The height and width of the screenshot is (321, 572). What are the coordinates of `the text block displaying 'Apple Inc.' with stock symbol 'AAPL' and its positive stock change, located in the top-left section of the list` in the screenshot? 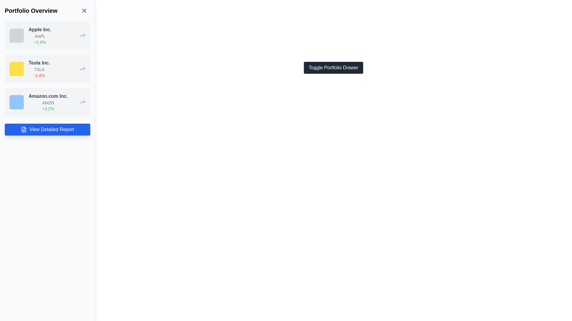 It's located at (40, 35).